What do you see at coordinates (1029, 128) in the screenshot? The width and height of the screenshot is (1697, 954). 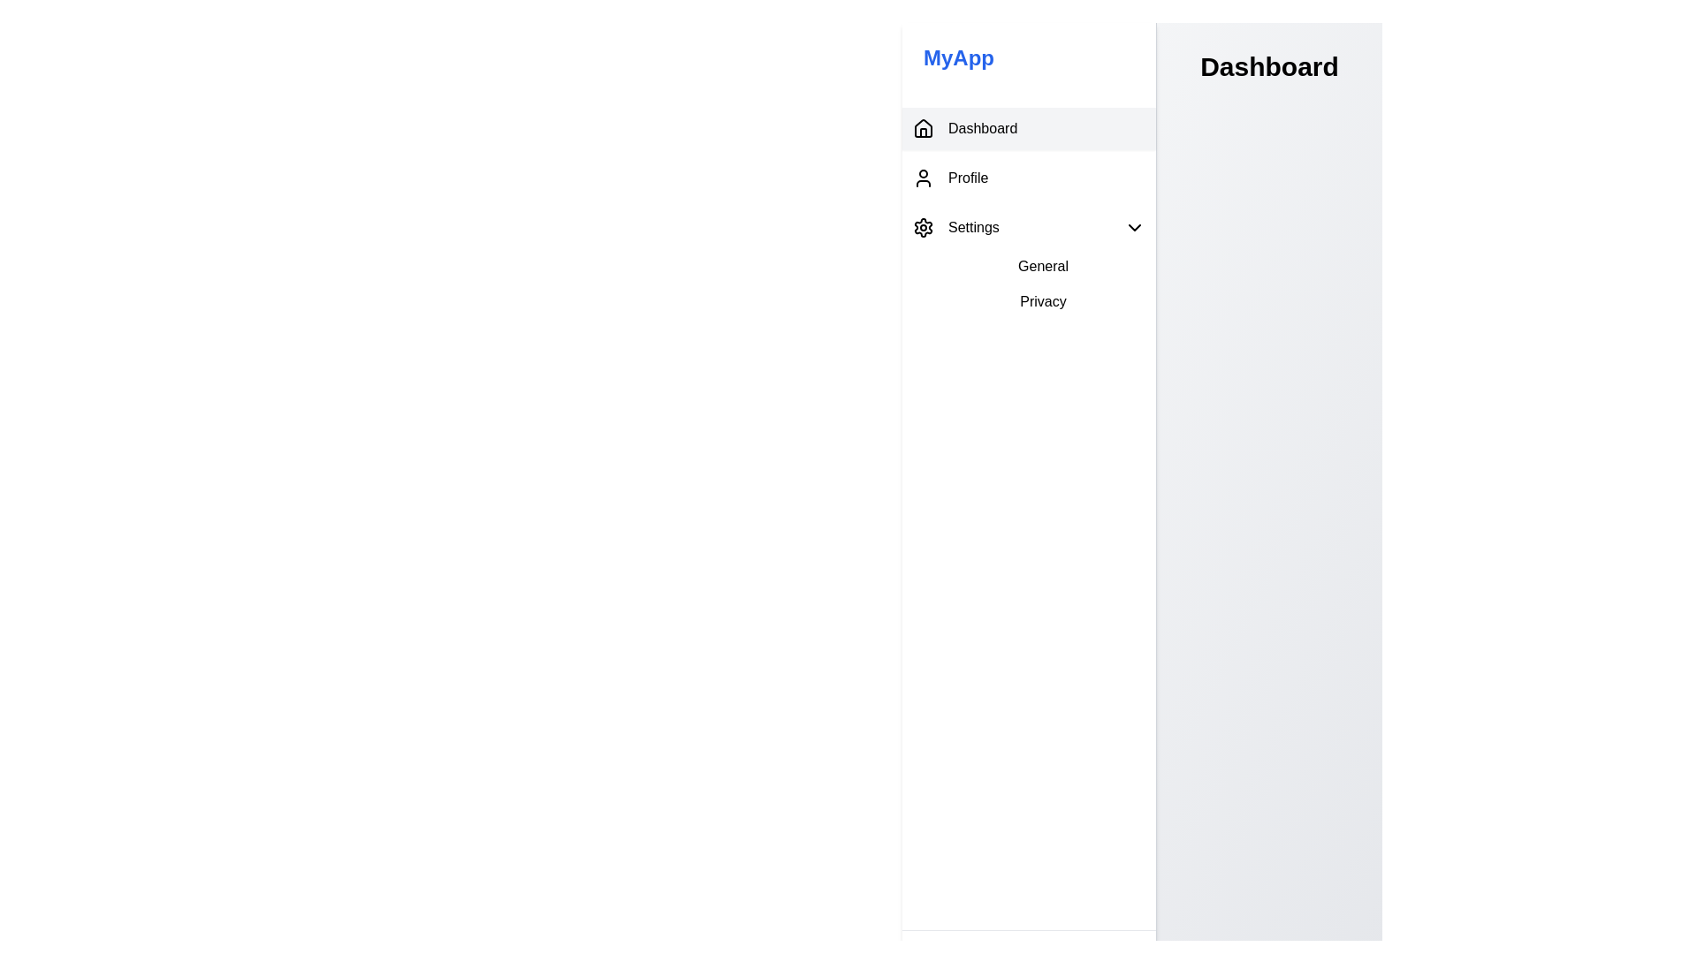 I see `the topmost navigation button labeled 'Dashboard' in the sidebar, located directly below 'MyApp'` at bounding box center [1029, 128].